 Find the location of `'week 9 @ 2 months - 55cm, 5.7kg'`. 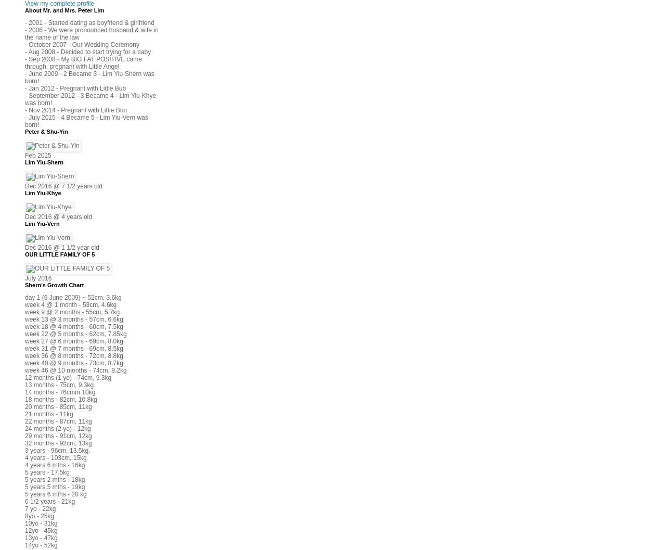

'week 9 @ 2 months - 55cm, 5.7kg' is located at coordinates (72, 311).